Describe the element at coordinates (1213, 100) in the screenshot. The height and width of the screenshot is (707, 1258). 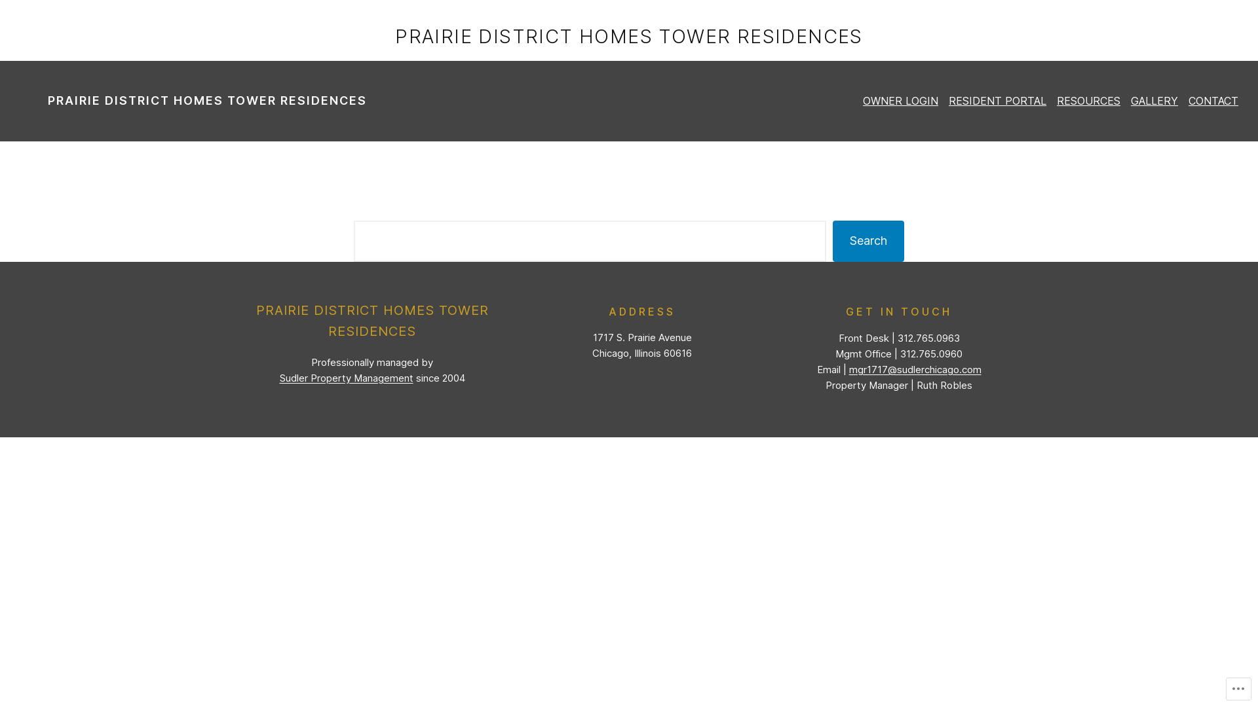
I see `'CONTACT'` at that location.